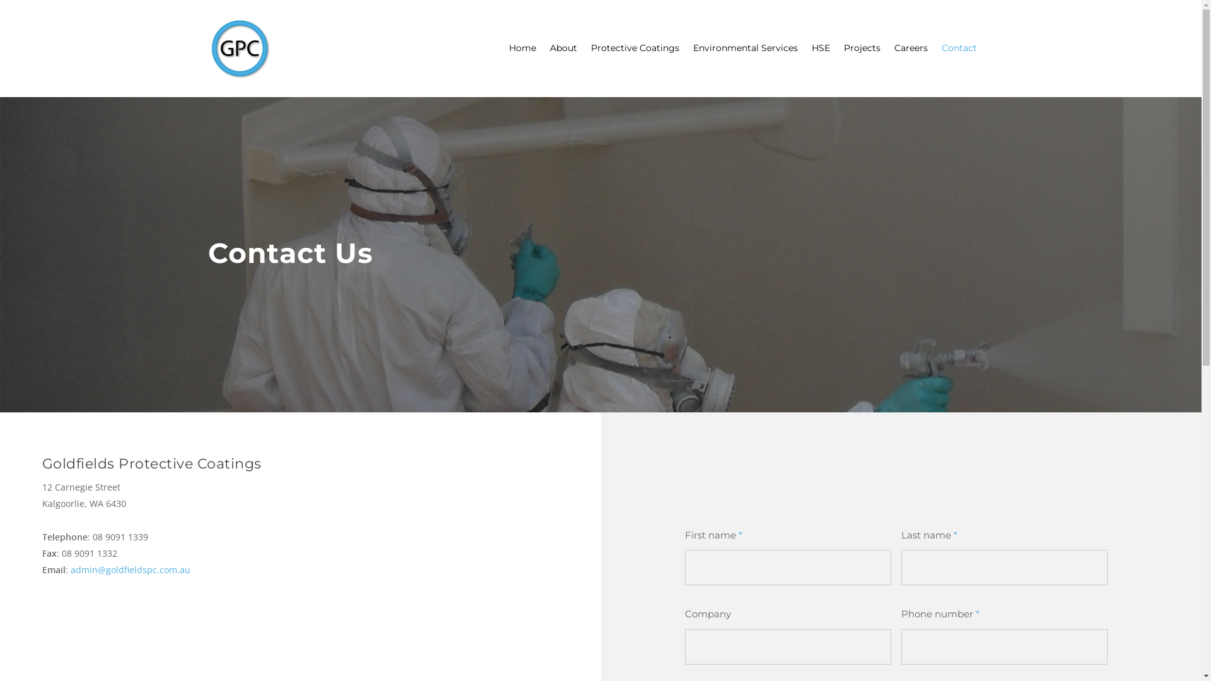  I want to click on 'Home', so click(522, 57).